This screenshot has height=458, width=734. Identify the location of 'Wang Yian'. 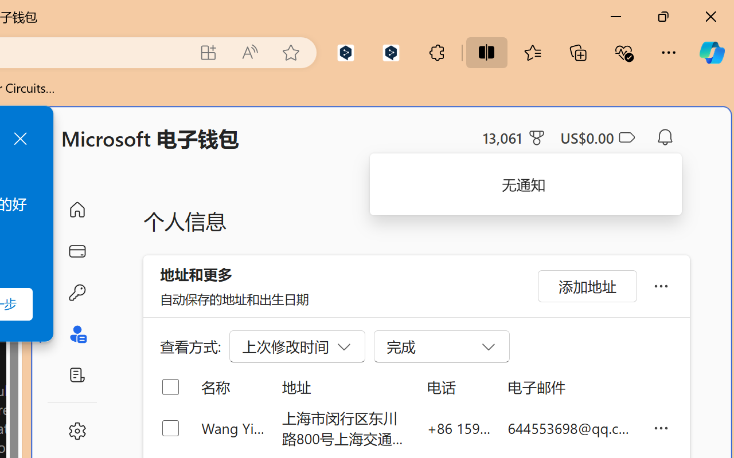
(232, 428).